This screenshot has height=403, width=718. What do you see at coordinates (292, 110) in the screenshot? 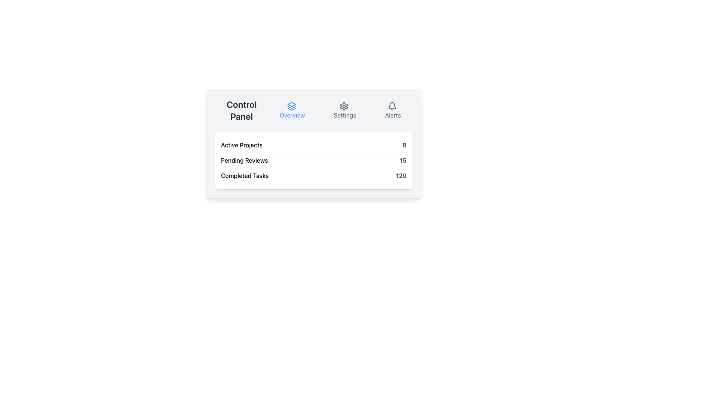
I see `the 'Overview' button in the horizontal menu at the top of the panel` at bounding box center [292, 110].